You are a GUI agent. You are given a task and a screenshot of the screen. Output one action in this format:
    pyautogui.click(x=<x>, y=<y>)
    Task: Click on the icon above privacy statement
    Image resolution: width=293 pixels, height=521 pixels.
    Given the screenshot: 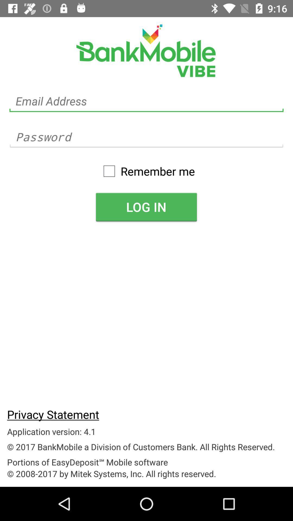 What is the action you would take?
    pyautogui.click(x=146, y=207)
    